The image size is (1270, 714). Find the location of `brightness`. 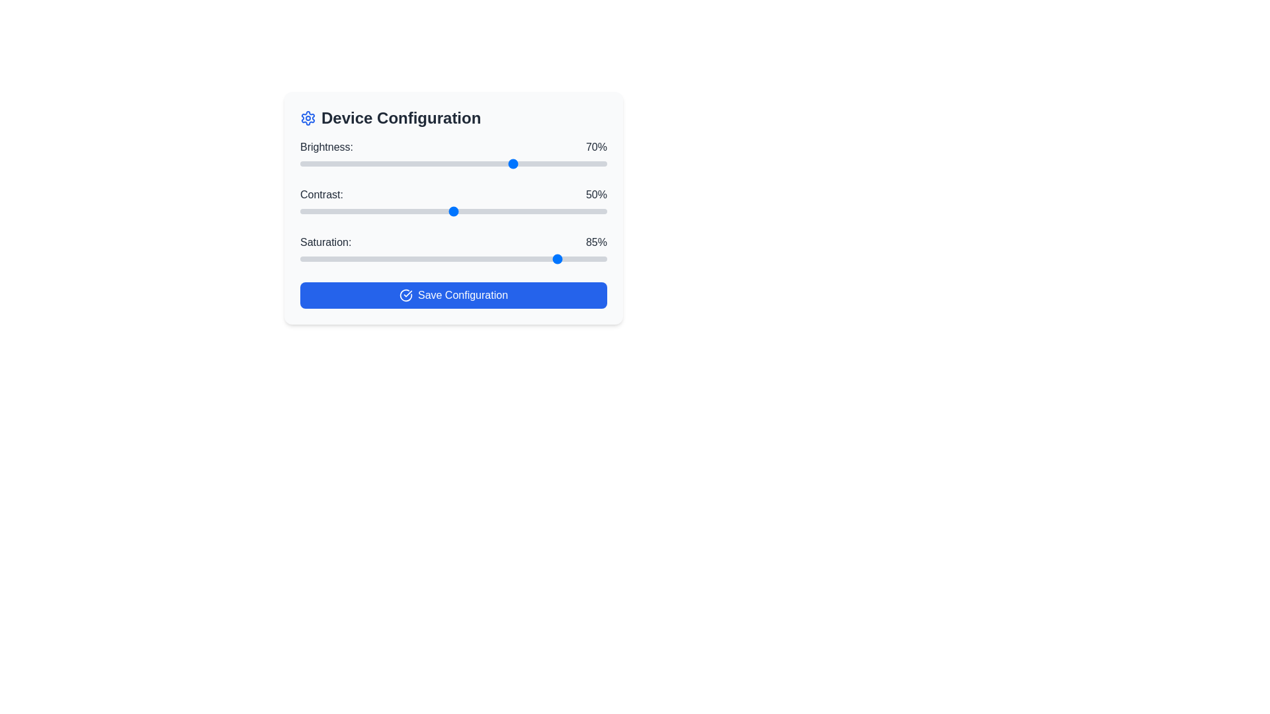

brightness is located at coordinates (597, 163).